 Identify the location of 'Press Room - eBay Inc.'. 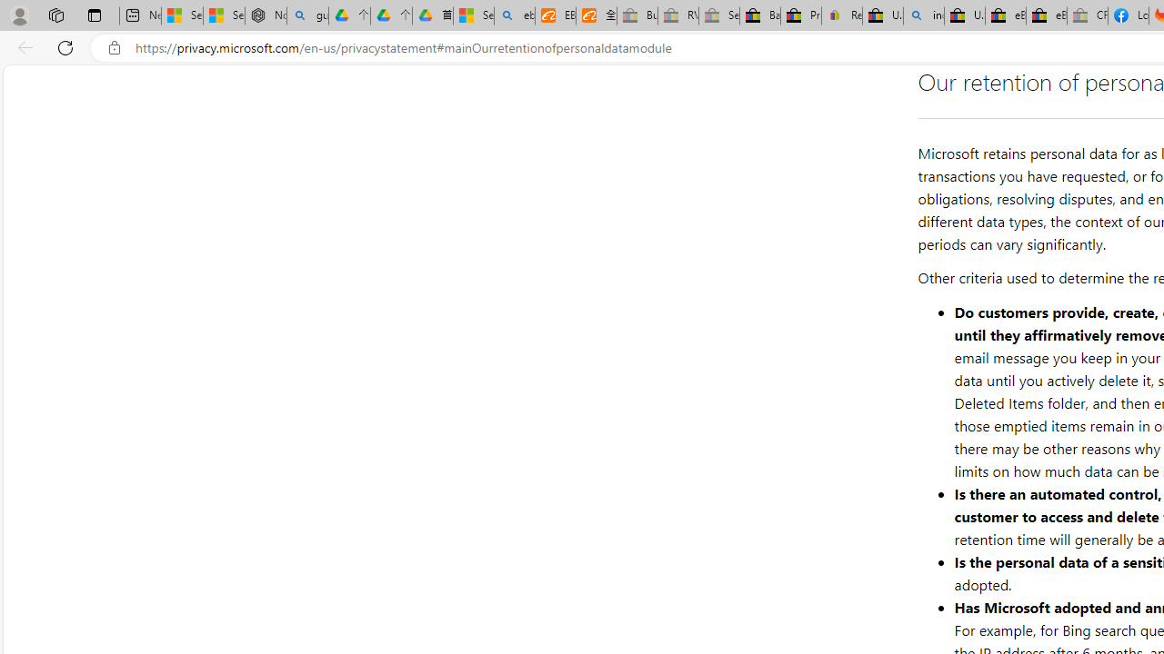
(800, 15).